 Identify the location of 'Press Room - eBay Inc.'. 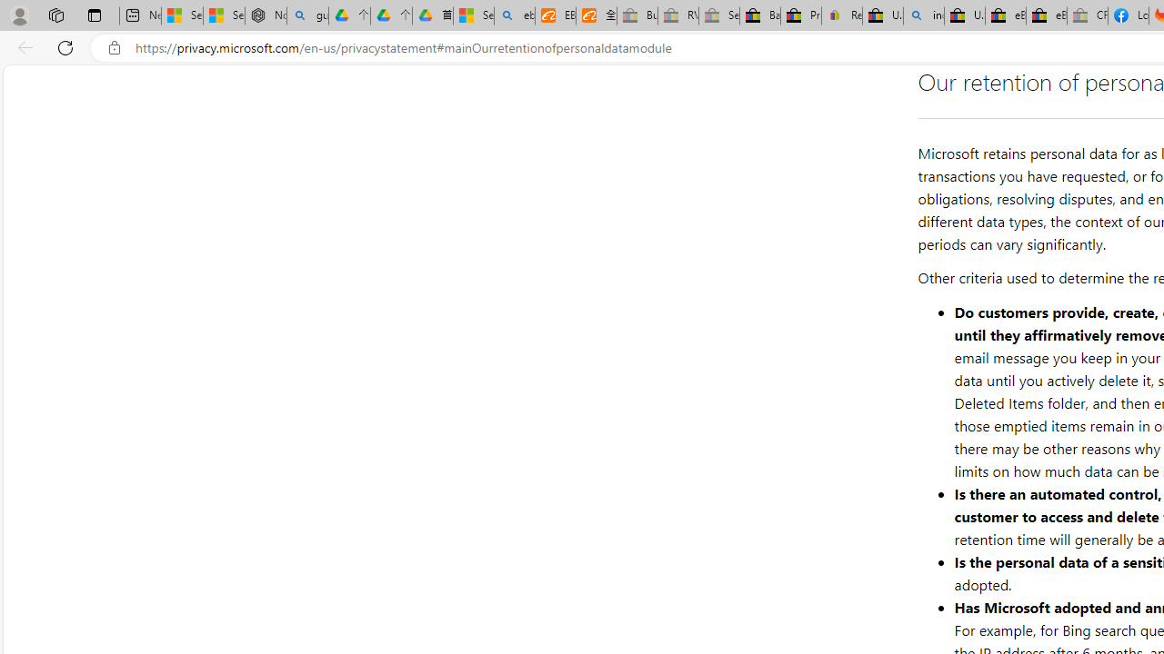
(800, 15).